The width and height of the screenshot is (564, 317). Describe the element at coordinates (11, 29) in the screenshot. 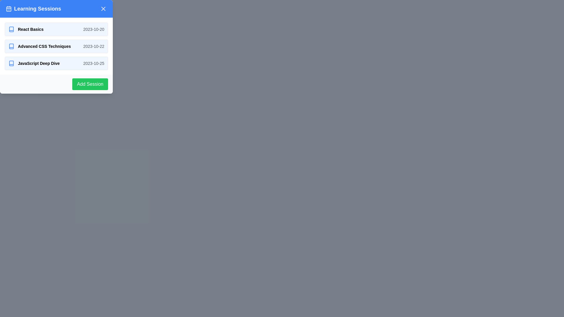

I see `the 'React Basics' session icon to highlight the session, which is the leftmost component within the list under the 'Learning Sessions' header` at that location.